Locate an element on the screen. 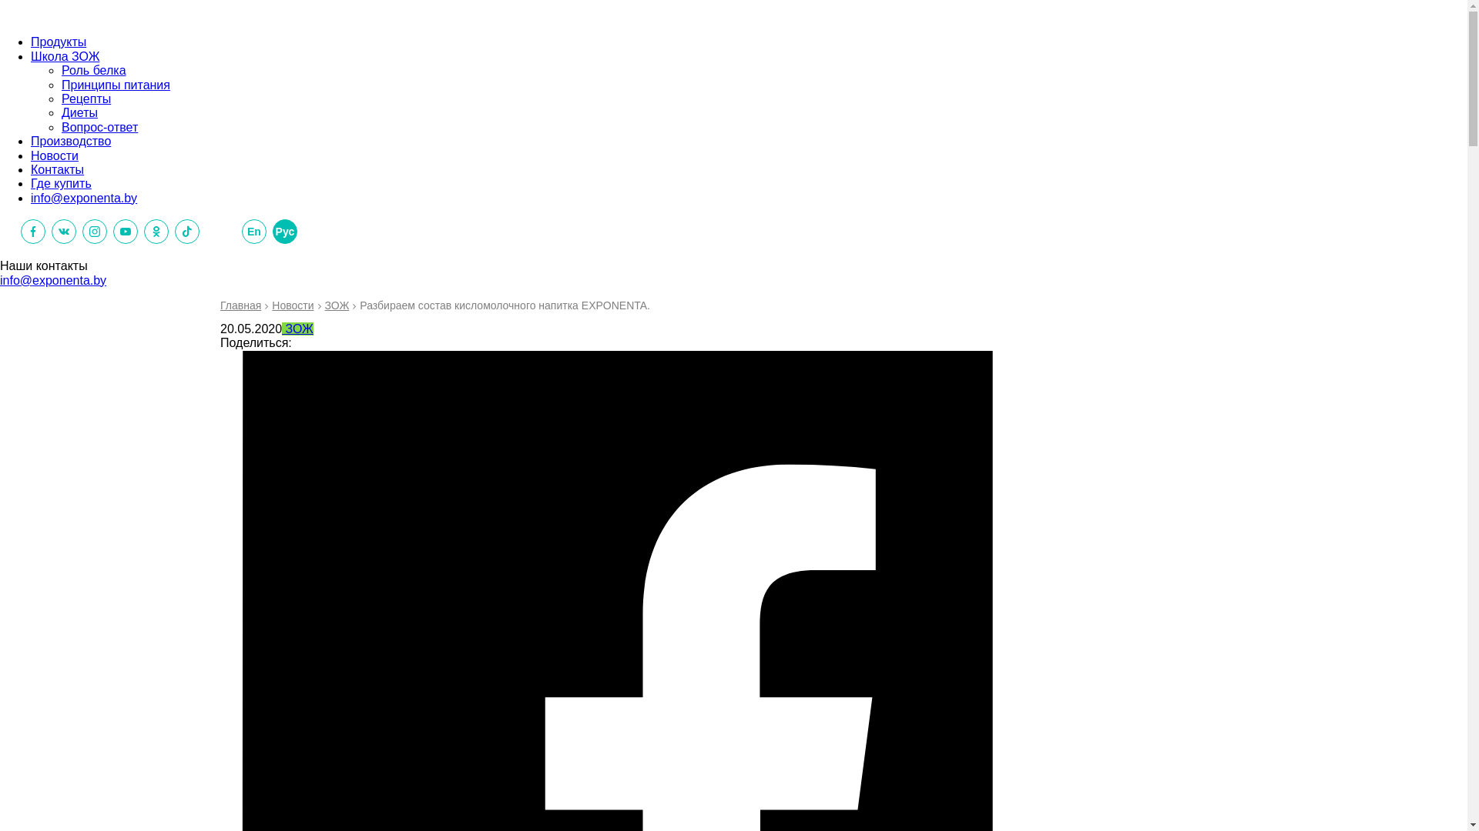 The width and height of the screenshot is (1479, 831). 'En' is located at coordinates (240, 231).